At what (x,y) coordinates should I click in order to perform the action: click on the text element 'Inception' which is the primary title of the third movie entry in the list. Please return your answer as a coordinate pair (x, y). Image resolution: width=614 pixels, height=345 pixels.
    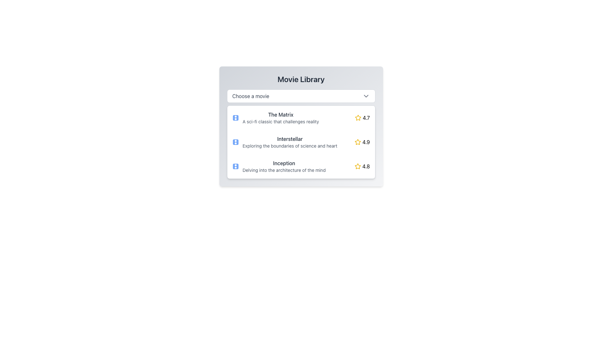
    Looking at the image, I should click on (284, 163).